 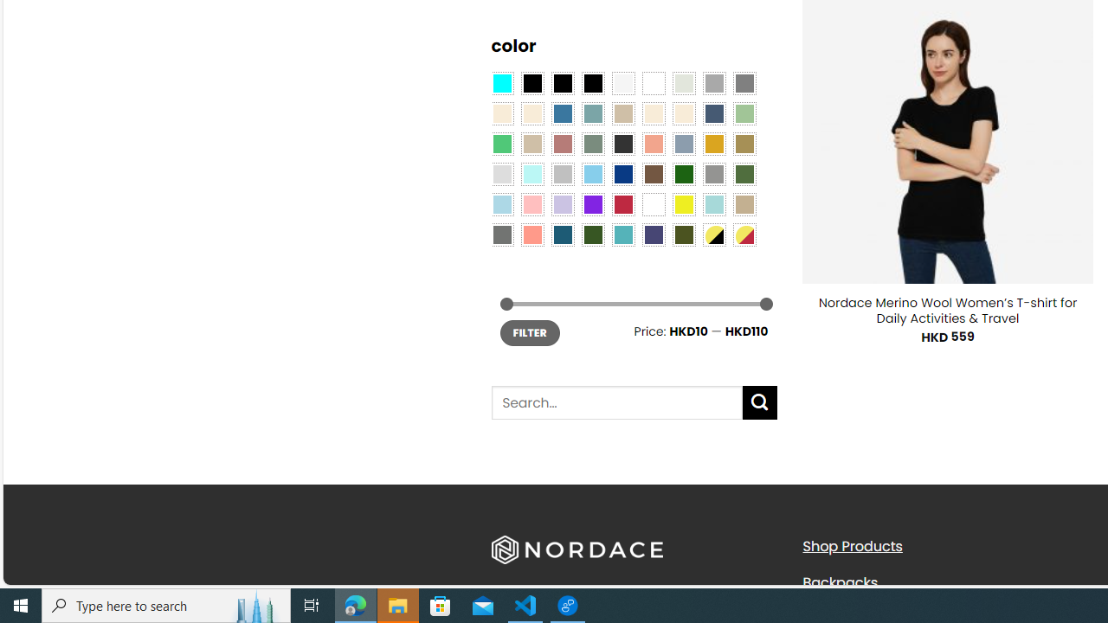 I want to click on 'Caramel', so click(x=653, y=113).